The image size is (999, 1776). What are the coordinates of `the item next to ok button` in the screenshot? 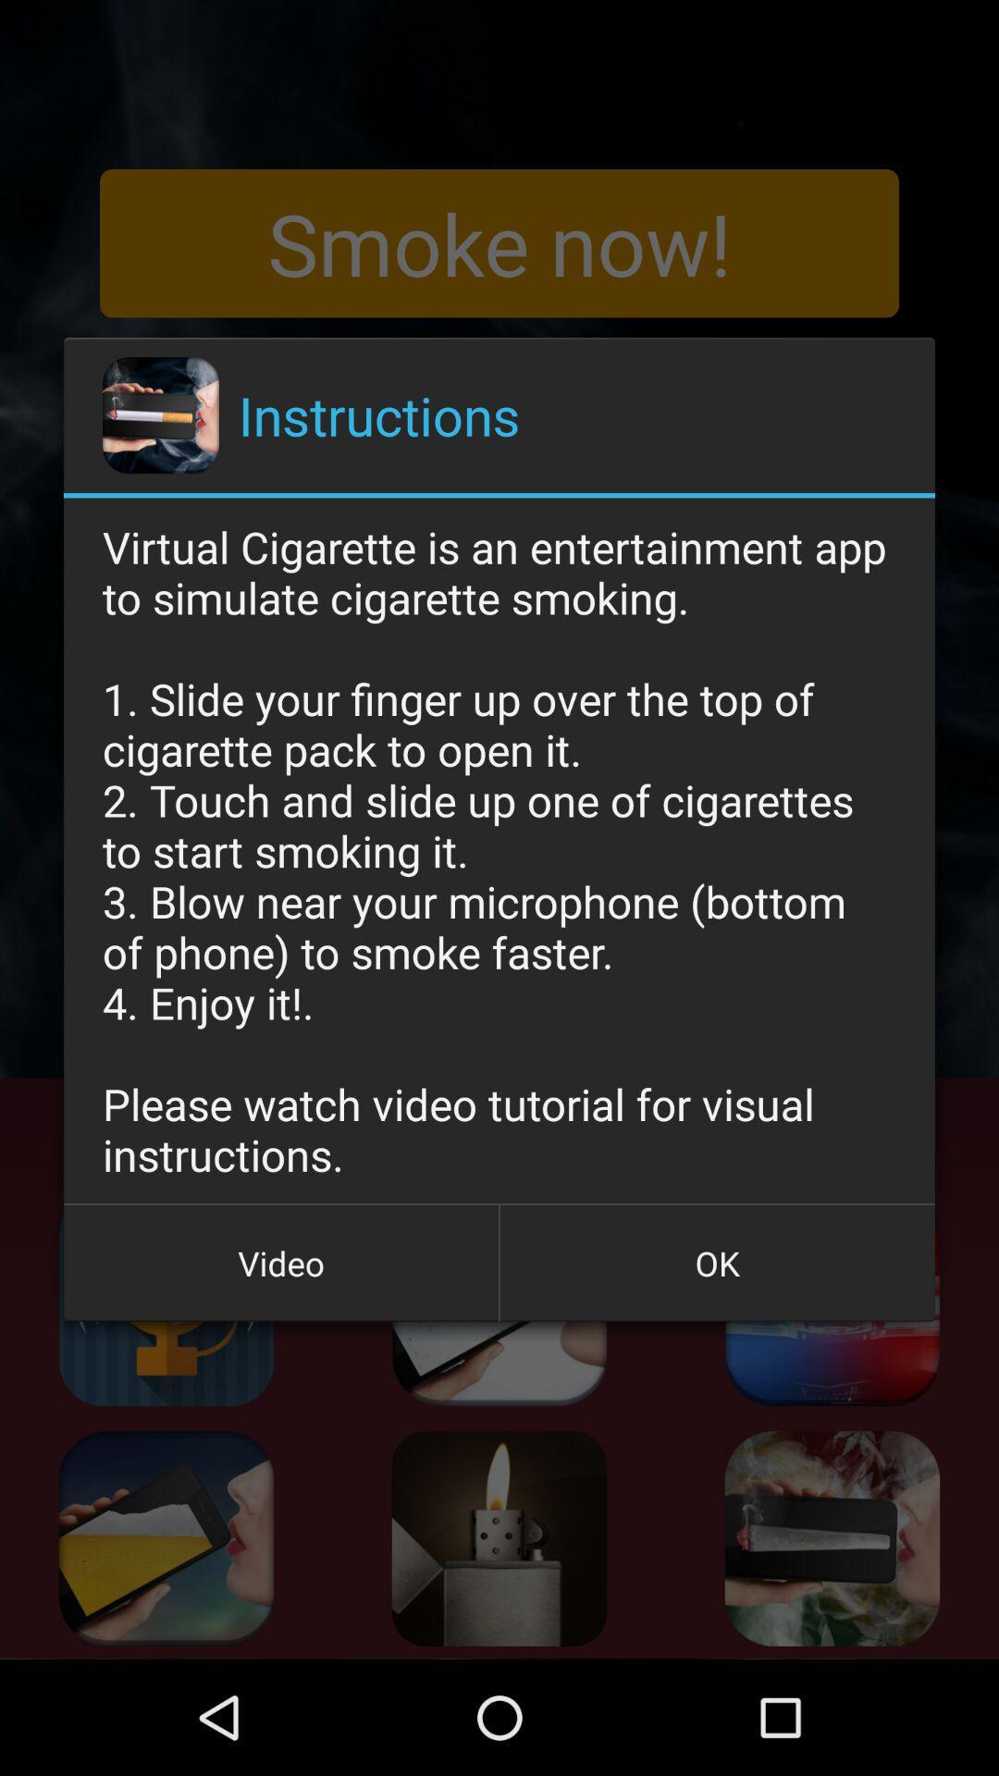 It's located at (281, 1262).